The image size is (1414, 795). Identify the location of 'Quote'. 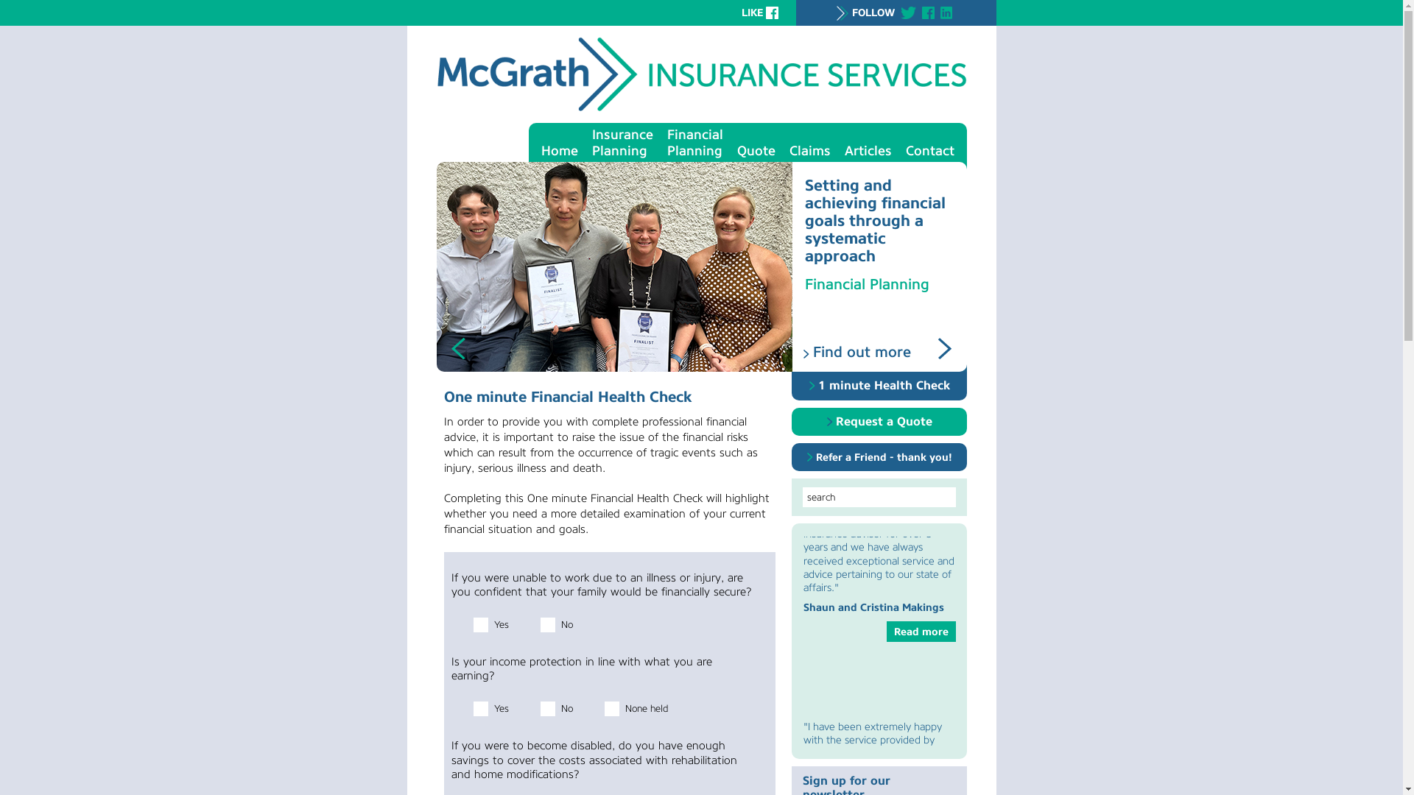
(731, 150).